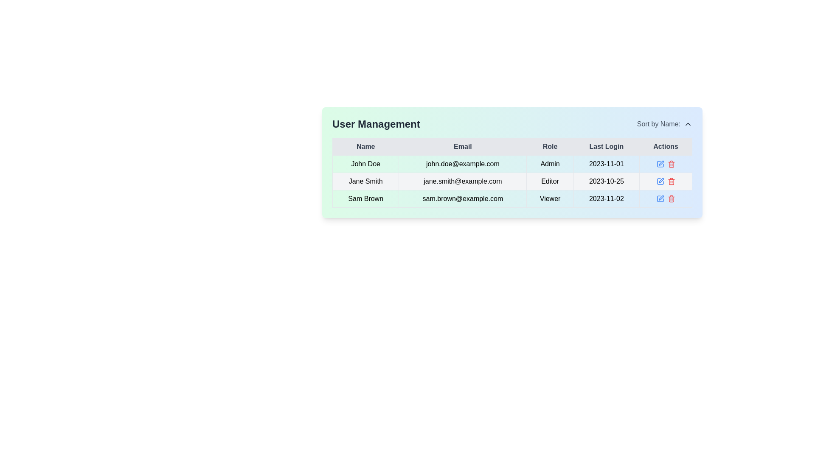 The image size is (815, 458). I want to click on the static text label 'Viewer' located in the 'Role' column for the user 'Sam Brown' in the User Management Interface, so click(550, 199).